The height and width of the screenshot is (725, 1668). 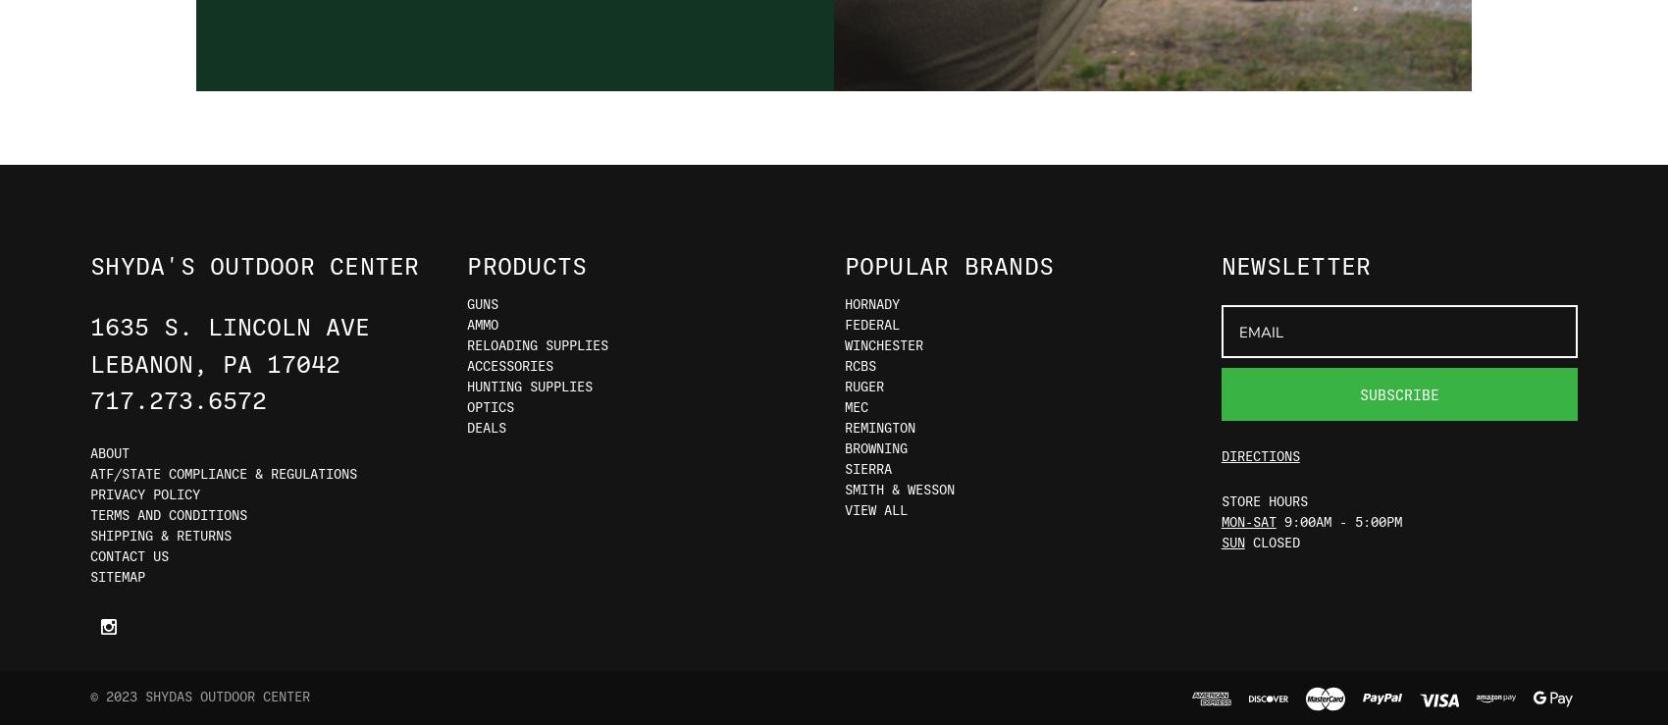 What do you see at coordinates (109, 451) in the screenshot?
I see `'About'` at bounding box center [109, 451].